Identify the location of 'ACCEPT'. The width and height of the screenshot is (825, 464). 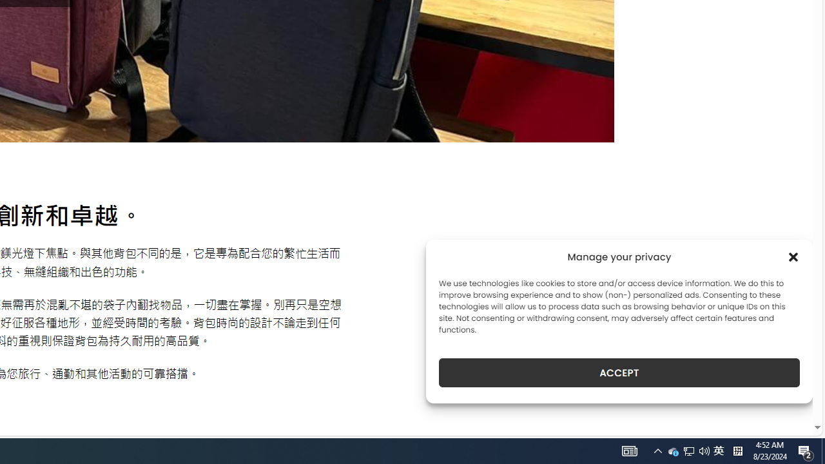
(619, 372).